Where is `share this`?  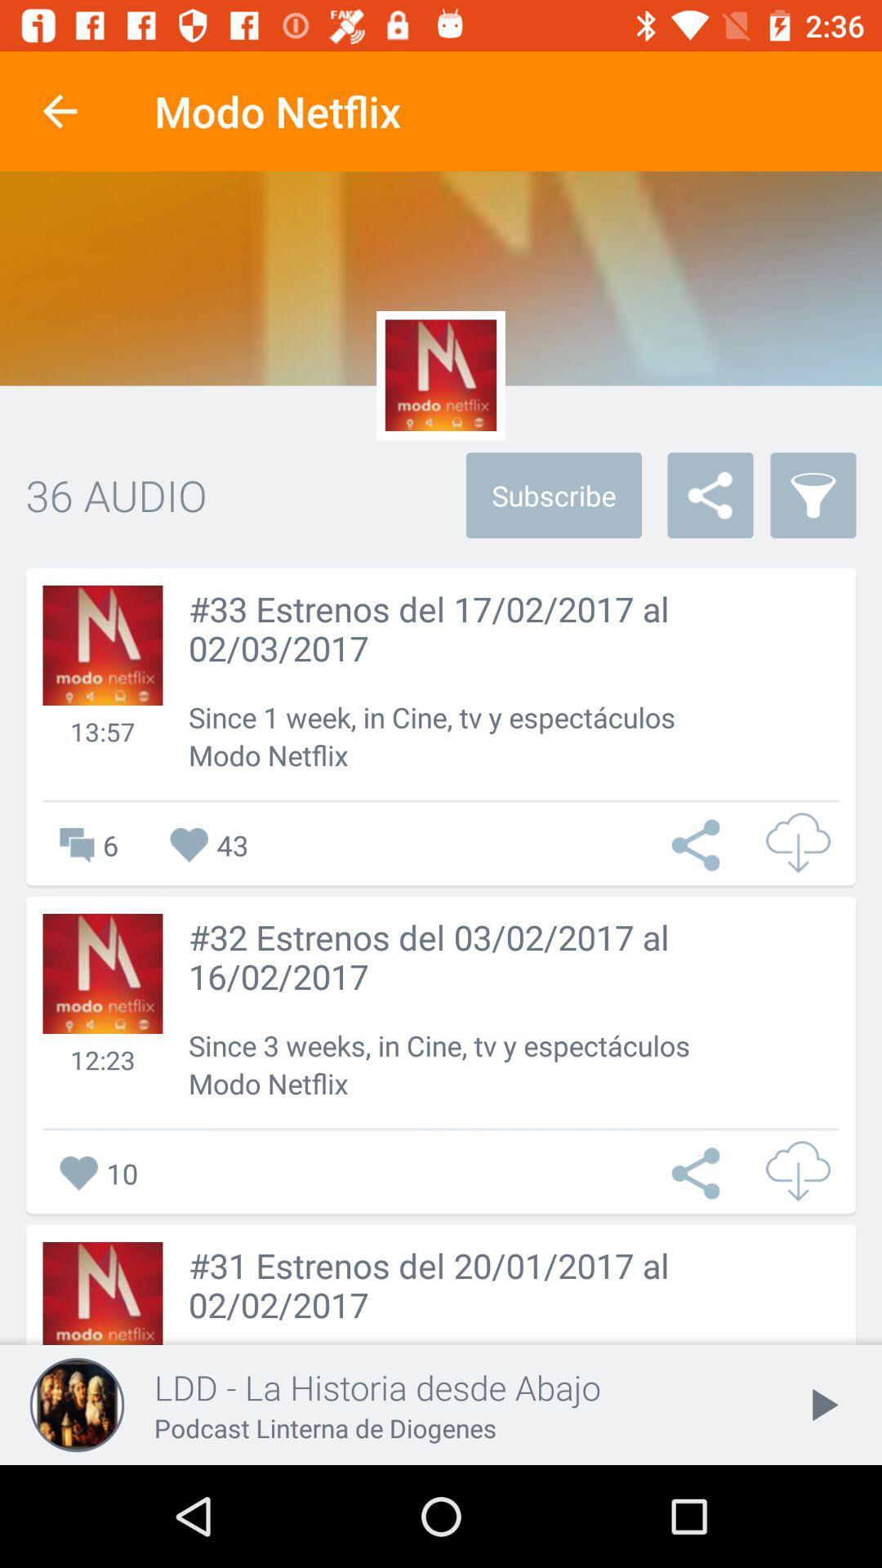 share this is located at coordinates (699, 845).